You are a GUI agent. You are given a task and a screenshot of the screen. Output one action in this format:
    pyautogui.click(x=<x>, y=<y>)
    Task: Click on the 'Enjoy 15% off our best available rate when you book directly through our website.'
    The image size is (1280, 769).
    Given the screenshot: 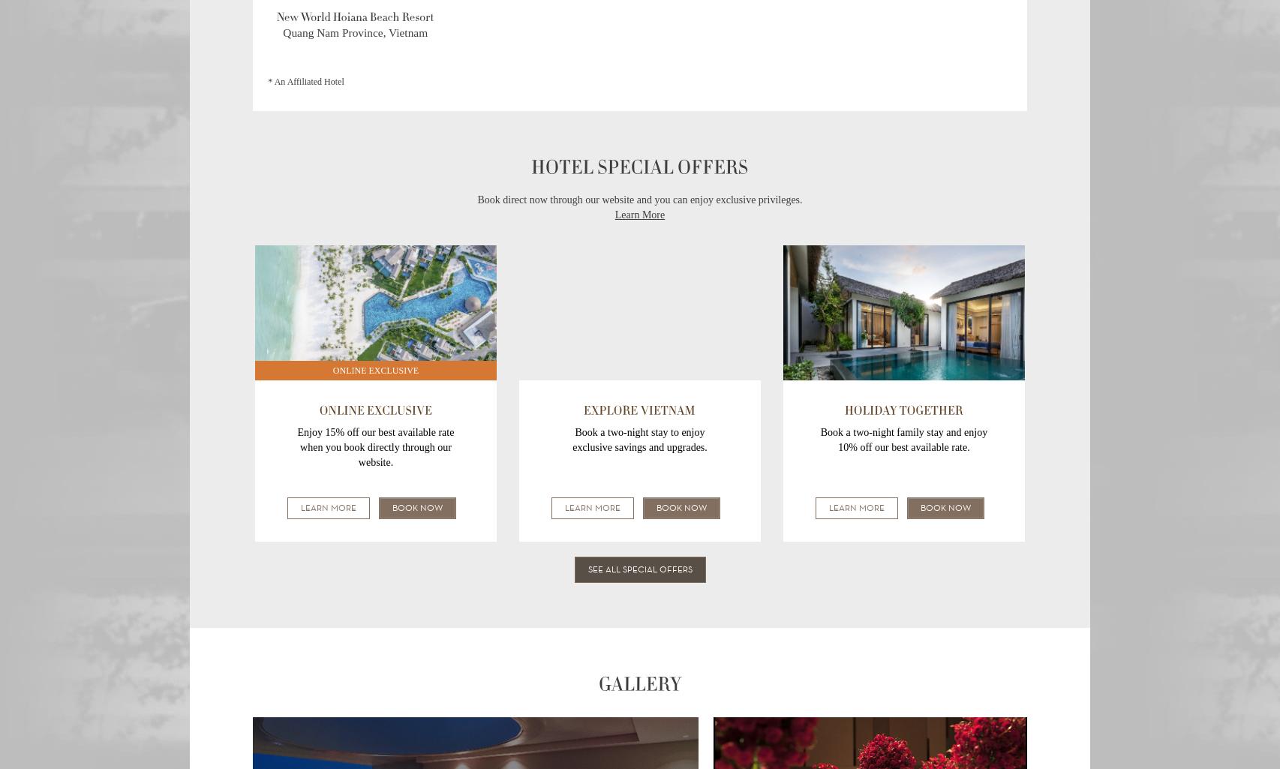 What is the action you would take?
    pyautogui.click(x=374, y=447)
    